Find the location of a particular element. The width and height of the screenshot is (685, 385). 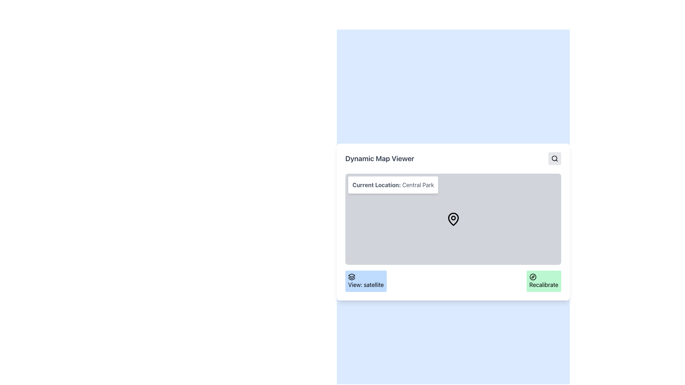

the search button located at the top-right corner of the 'Dynamic Map Viewer' with a light gray background and a magnifying glass icon is located at coordinates (554, 158).